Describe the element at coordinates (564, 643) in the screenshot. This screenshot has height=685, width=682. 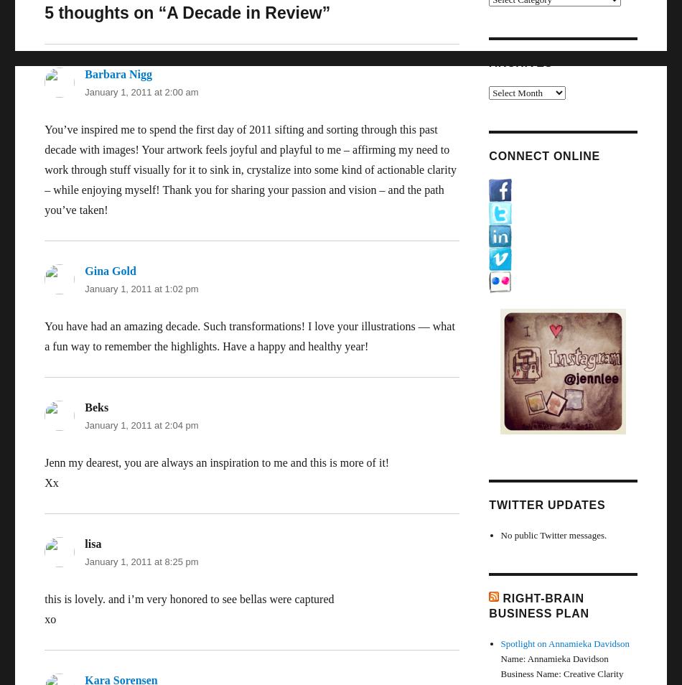
I see `'Spotlight on Annamieka Davidson'` at that location.